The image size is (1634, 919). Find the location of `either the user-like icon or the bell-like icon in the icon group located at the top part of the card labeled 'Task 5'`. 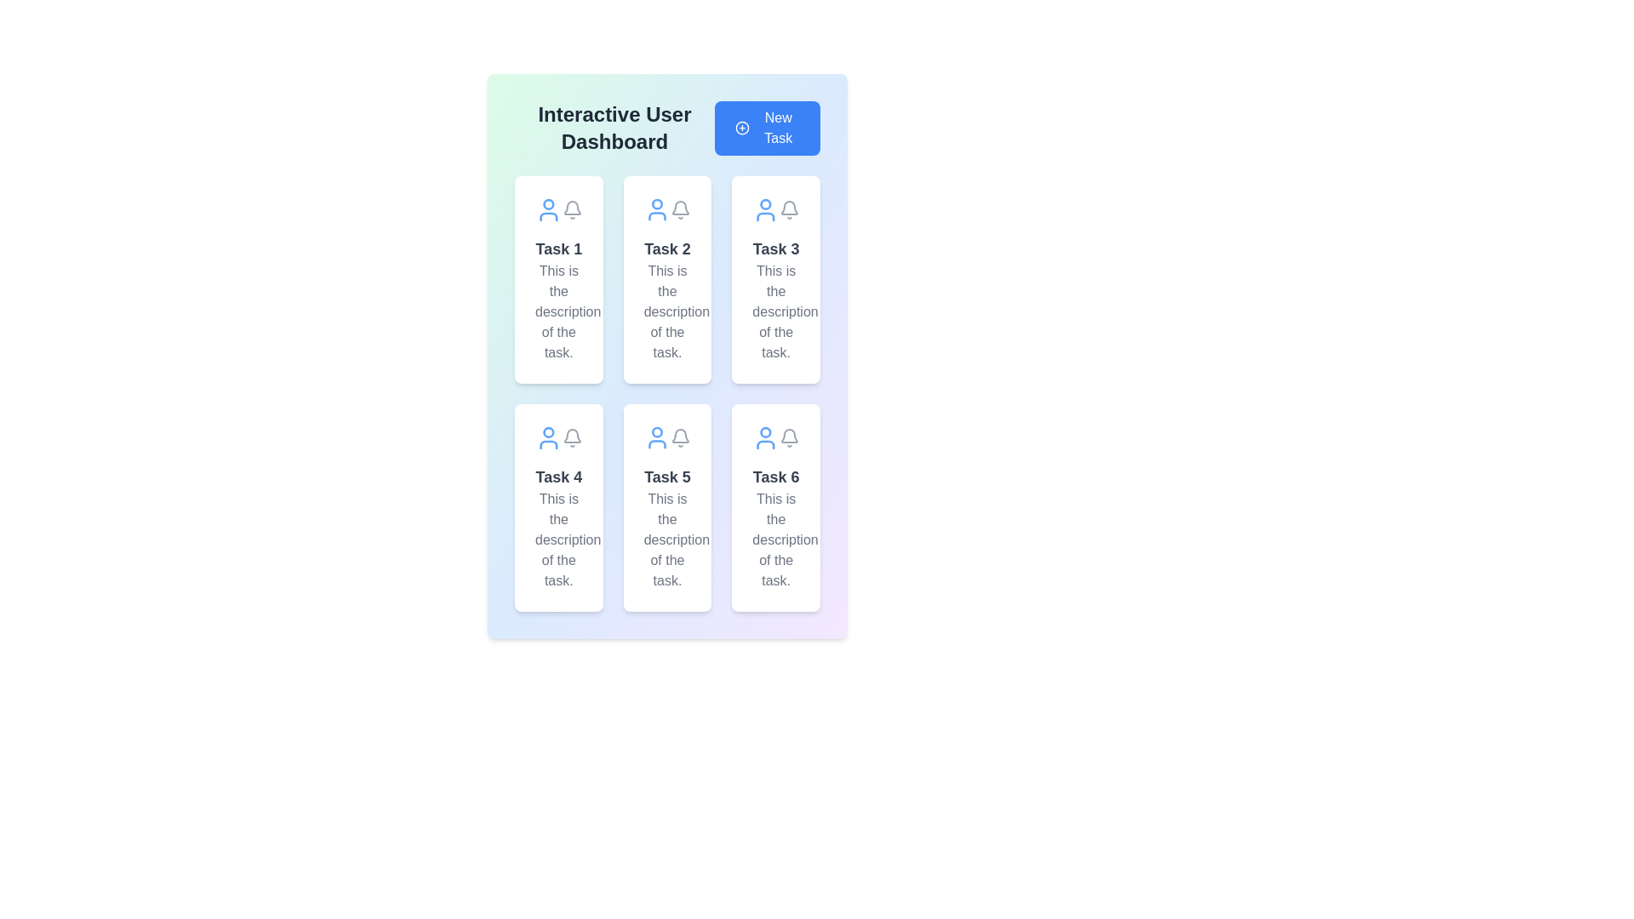

either the user-like icon or the bell-like icon in the icon group located at the top part of the card labeled 'Task 5' is located at coordinates (666, 437).